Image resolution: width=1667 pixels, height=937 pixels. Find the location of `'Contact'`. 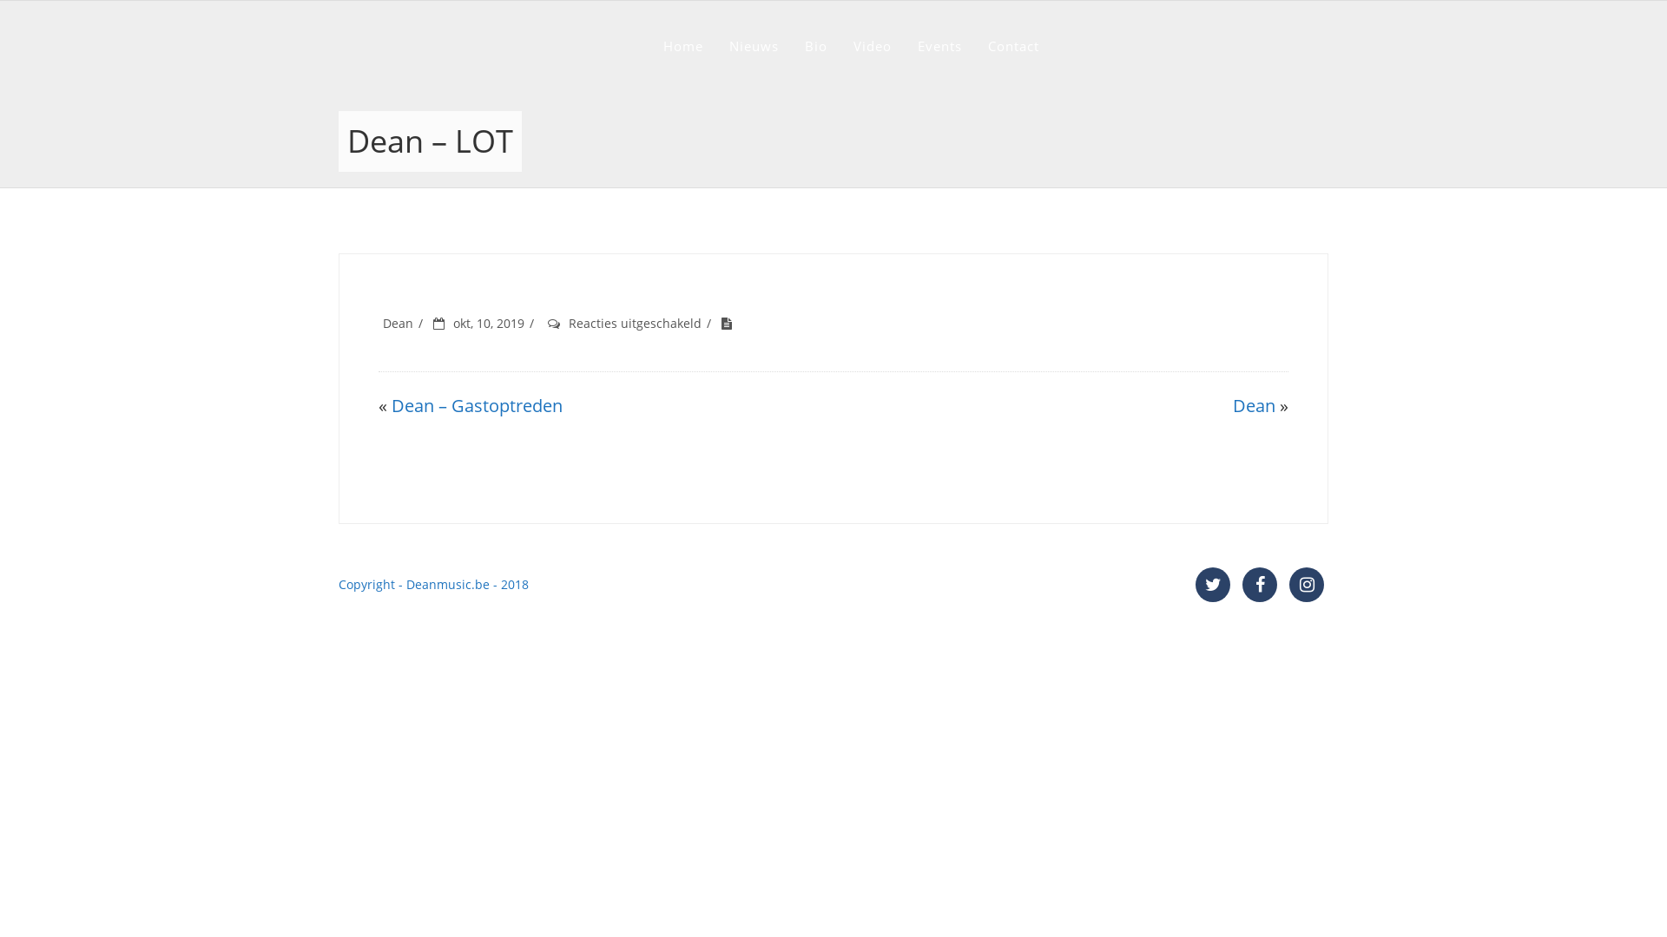

'Contact' is located at coordinates (979, 45).